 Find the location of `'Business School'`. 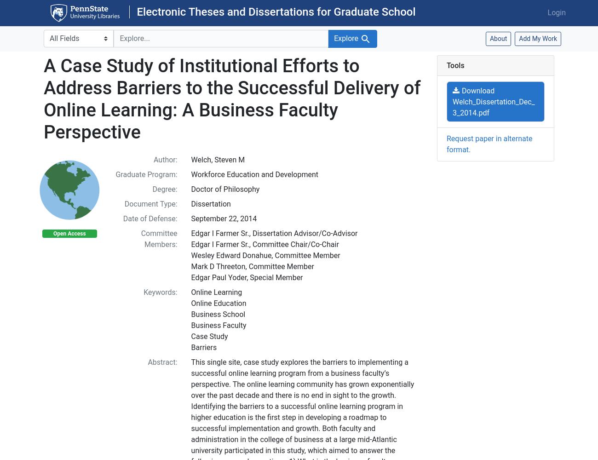

'Business School' is located at coordinates (217, 314).